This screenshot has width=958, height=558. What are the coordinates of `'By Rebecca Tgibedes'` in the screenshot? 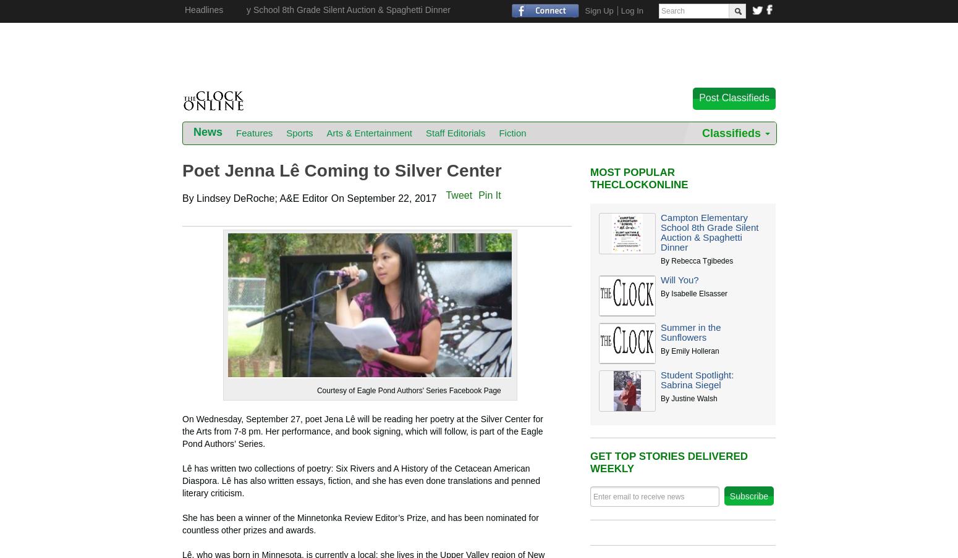 It's located at (696, 260).